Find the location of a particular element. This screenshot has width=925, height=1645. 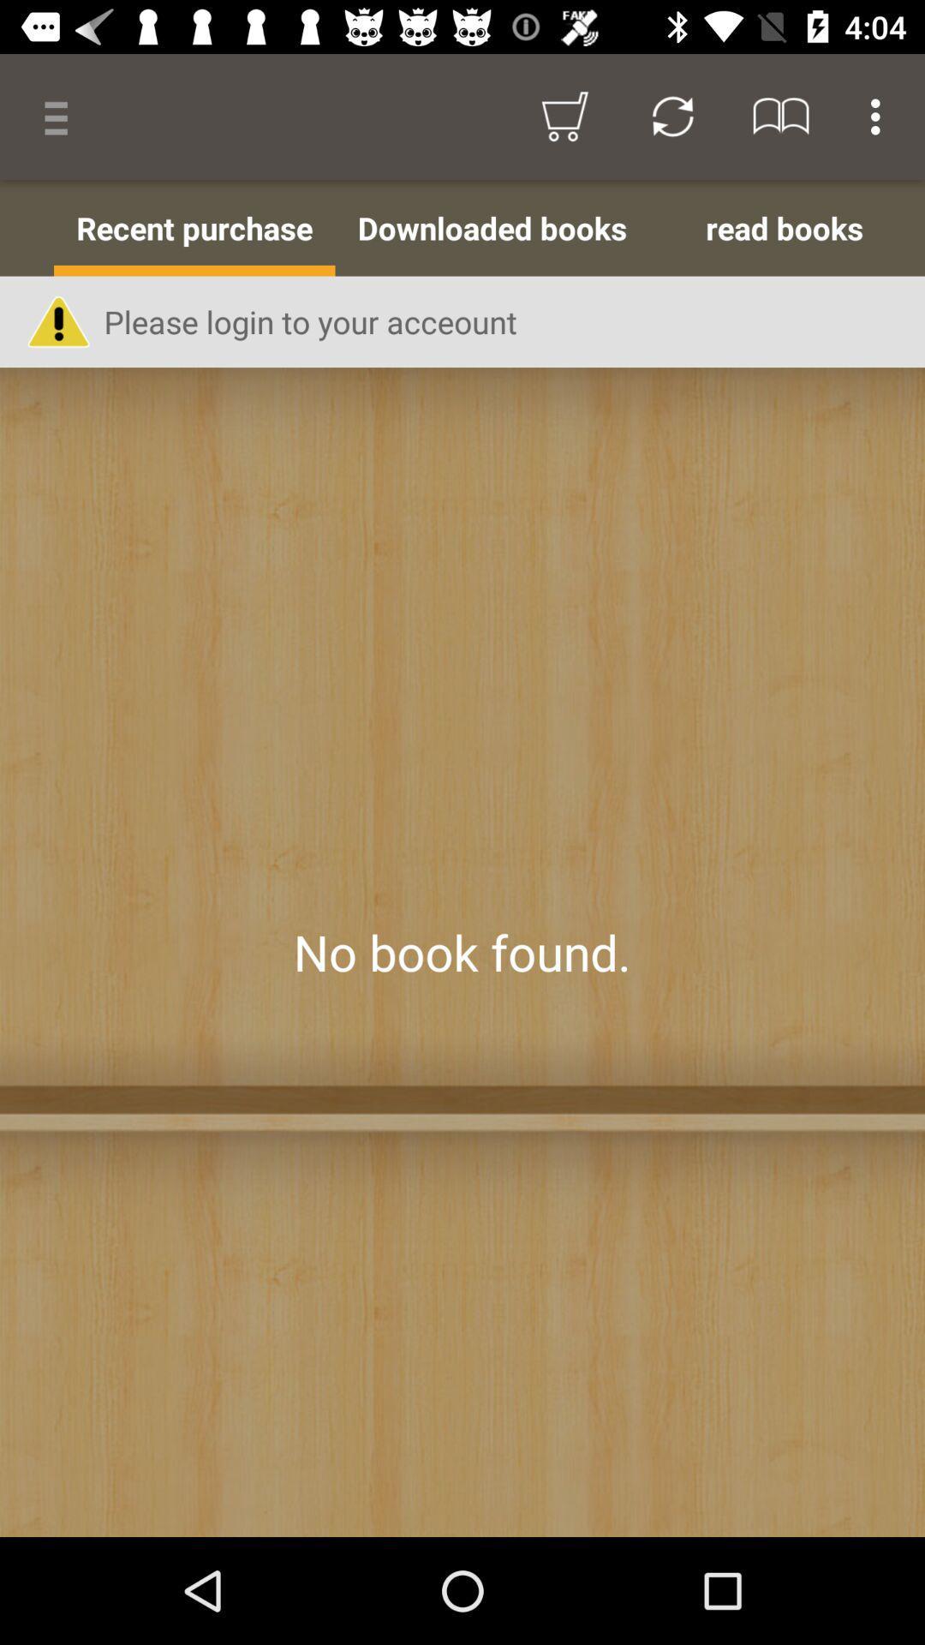

all books item is located at coordinates (27, 227).